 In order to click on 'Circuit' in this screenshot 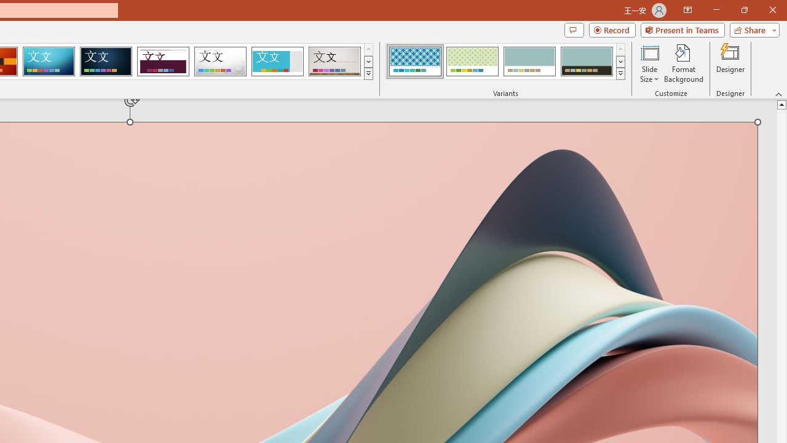, I will do `click(49, 62)`.